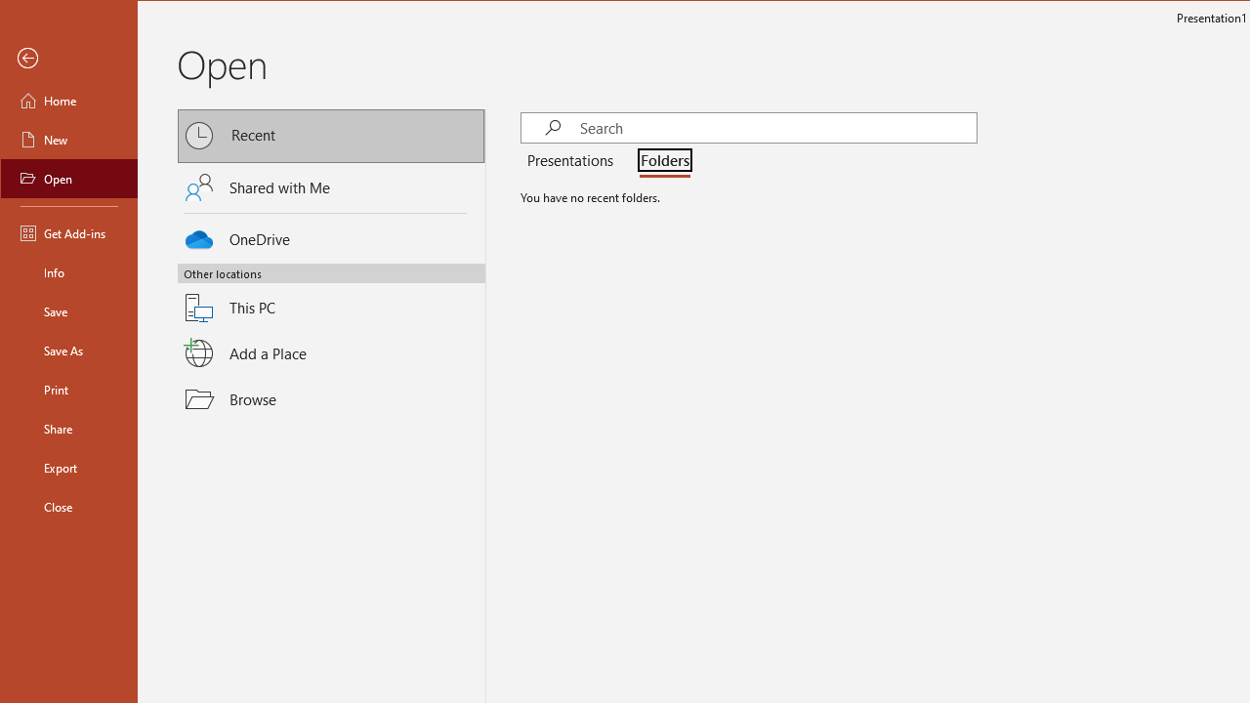  Describe the element at coordinates (69, 468) in the screenshot. I see `'Export'` at that location.